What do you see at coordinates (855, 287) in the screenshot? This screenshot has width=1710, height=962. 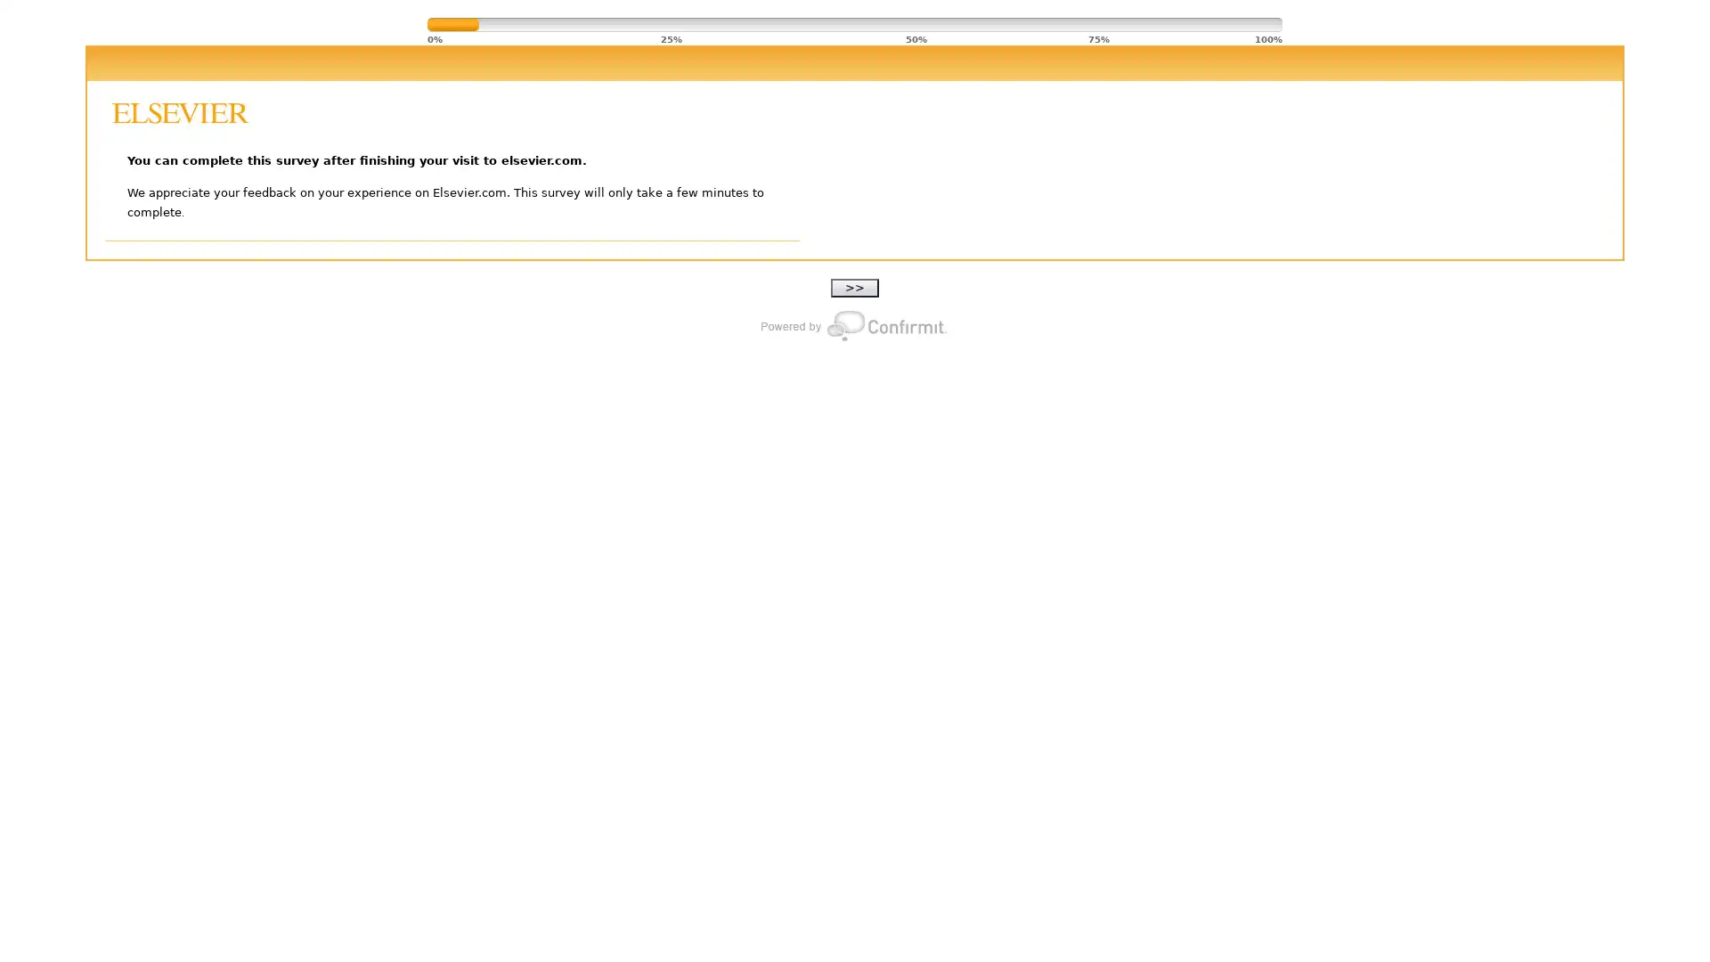 I see `>>` at bounding box center [855, 287].